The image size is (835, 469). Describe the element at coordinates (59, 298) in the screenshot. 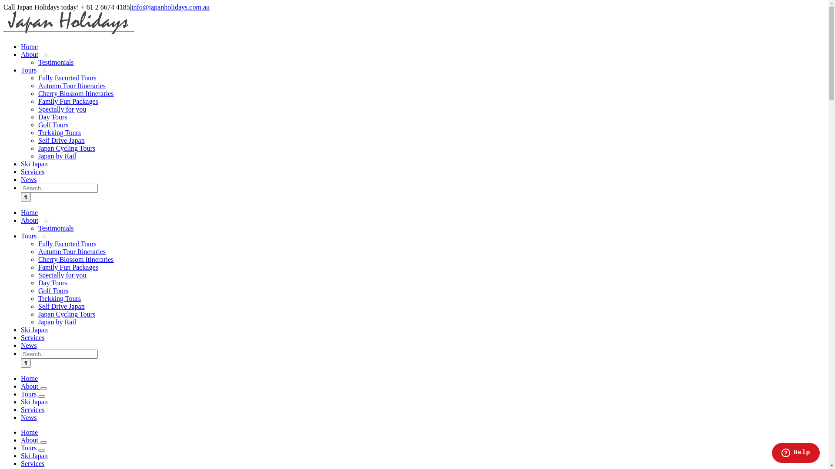

I see `'Trekking Tours'` at that location.